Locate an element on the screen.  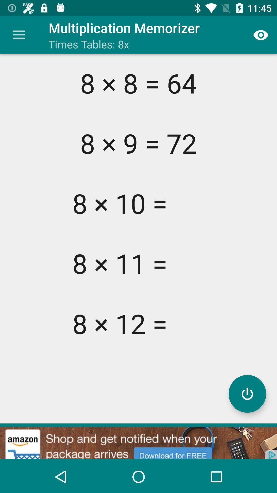
the multiplication memorizer is located at coordinates (247, 393).